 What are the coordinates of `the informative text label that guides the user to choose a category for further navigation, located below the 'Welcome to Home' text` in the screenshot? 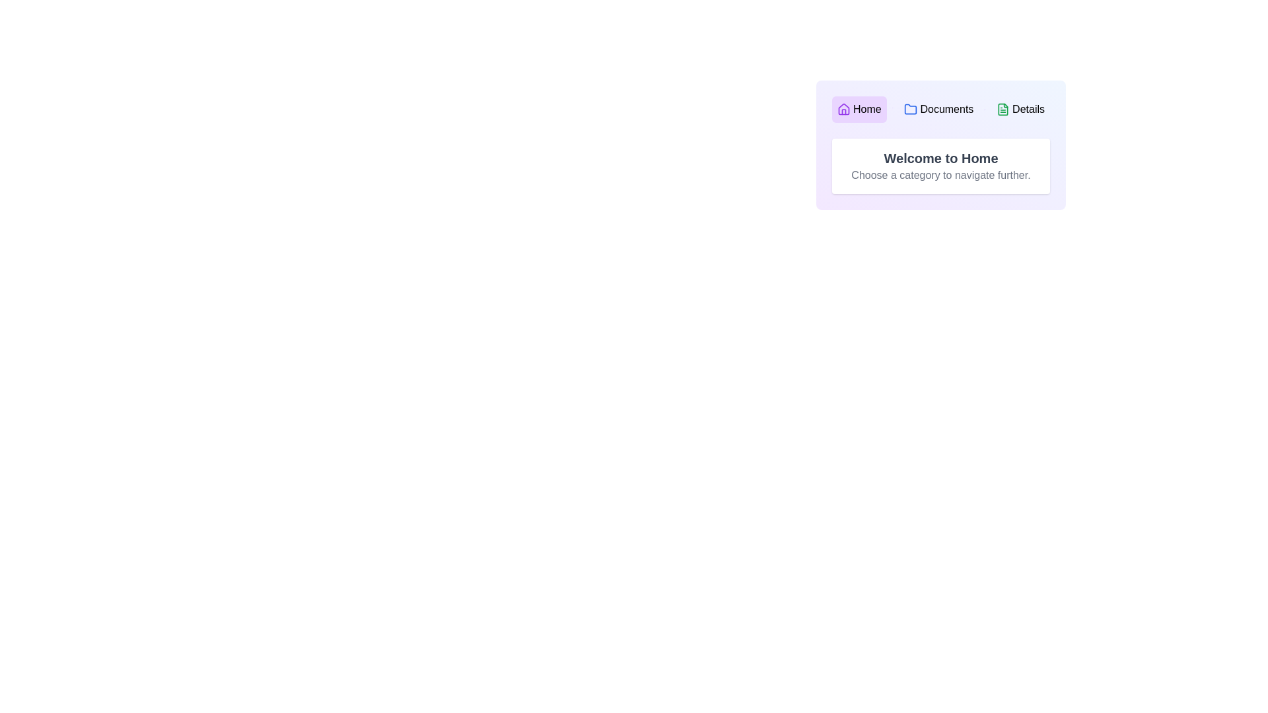 It's located at (940, 175).